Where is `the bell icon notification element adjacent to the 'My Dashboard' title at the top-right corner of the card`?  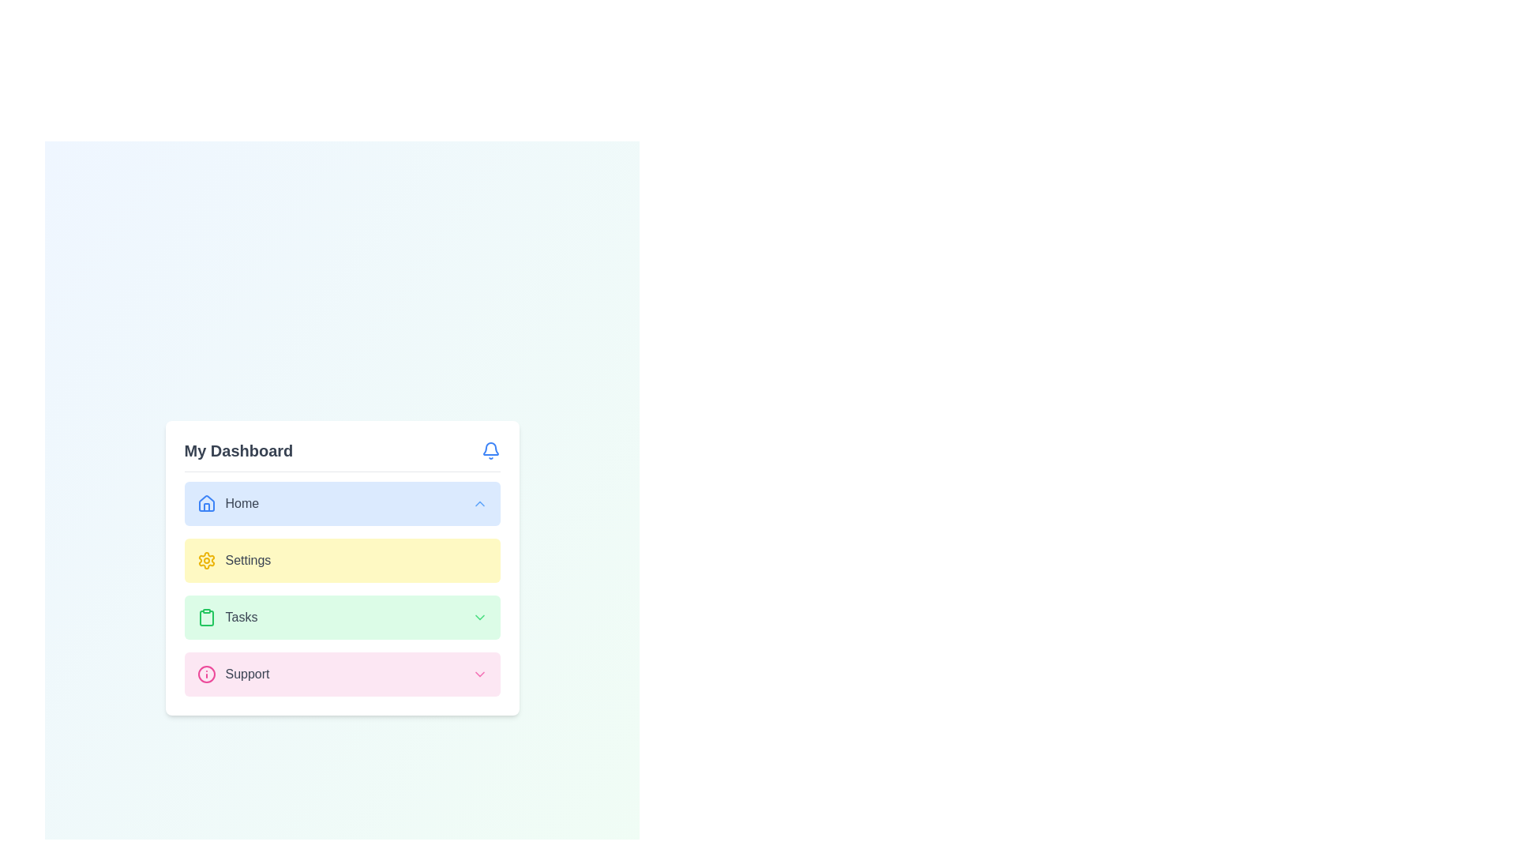
the bell icon notification element adjacent to the 'My Dashboard' title at the top-right corner of the card is located at coordinates (490, 448).